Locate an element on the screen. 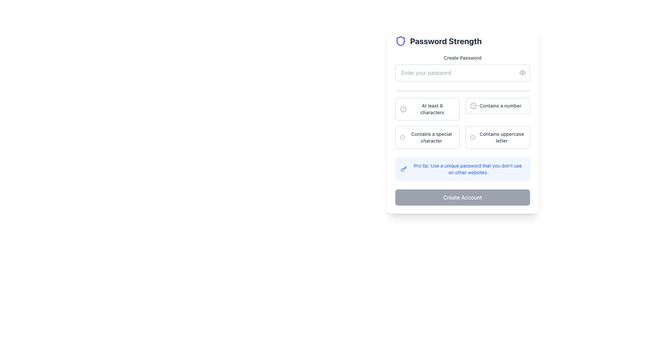 This screenshot has height=364, width=647. the Text label that informs users about the password length requirement, located in the top left of the password guidelines section is located at coordinates (432, 109).